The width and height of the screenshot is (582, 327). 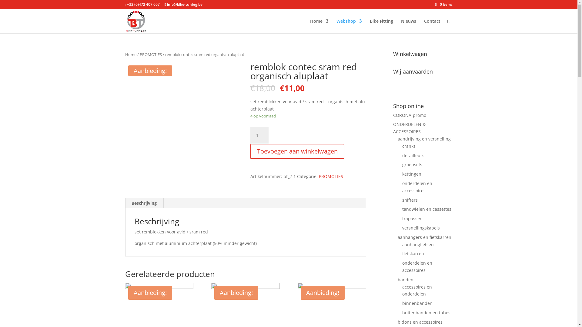 I want to click on 'aanhangers en fietskarren', so click(x=424, y=237).